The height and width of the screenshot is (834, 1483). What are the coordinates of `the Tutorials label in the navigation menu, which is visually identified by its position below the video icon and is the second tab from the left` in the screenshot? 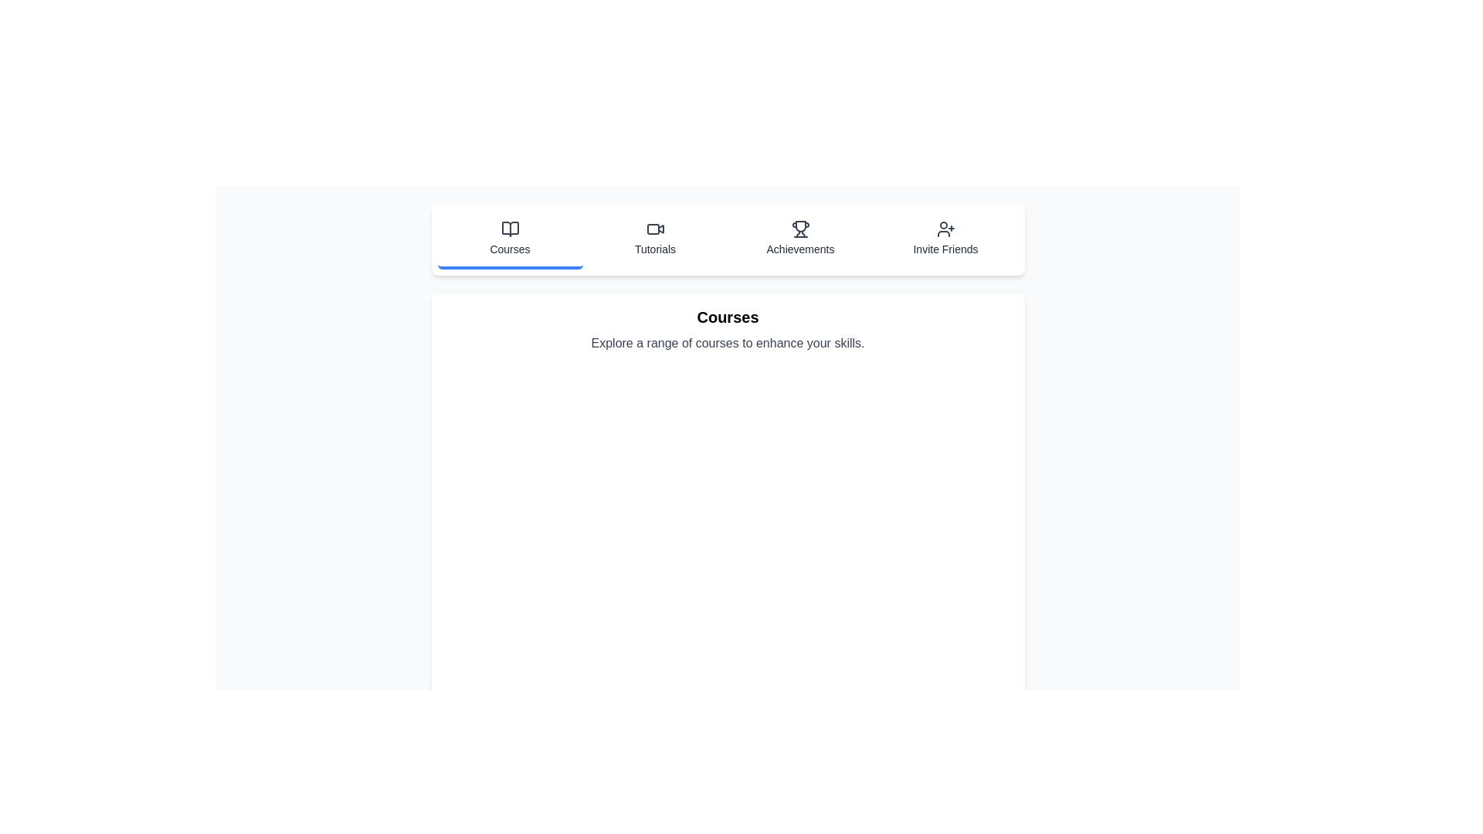 It's located at (655, 249).